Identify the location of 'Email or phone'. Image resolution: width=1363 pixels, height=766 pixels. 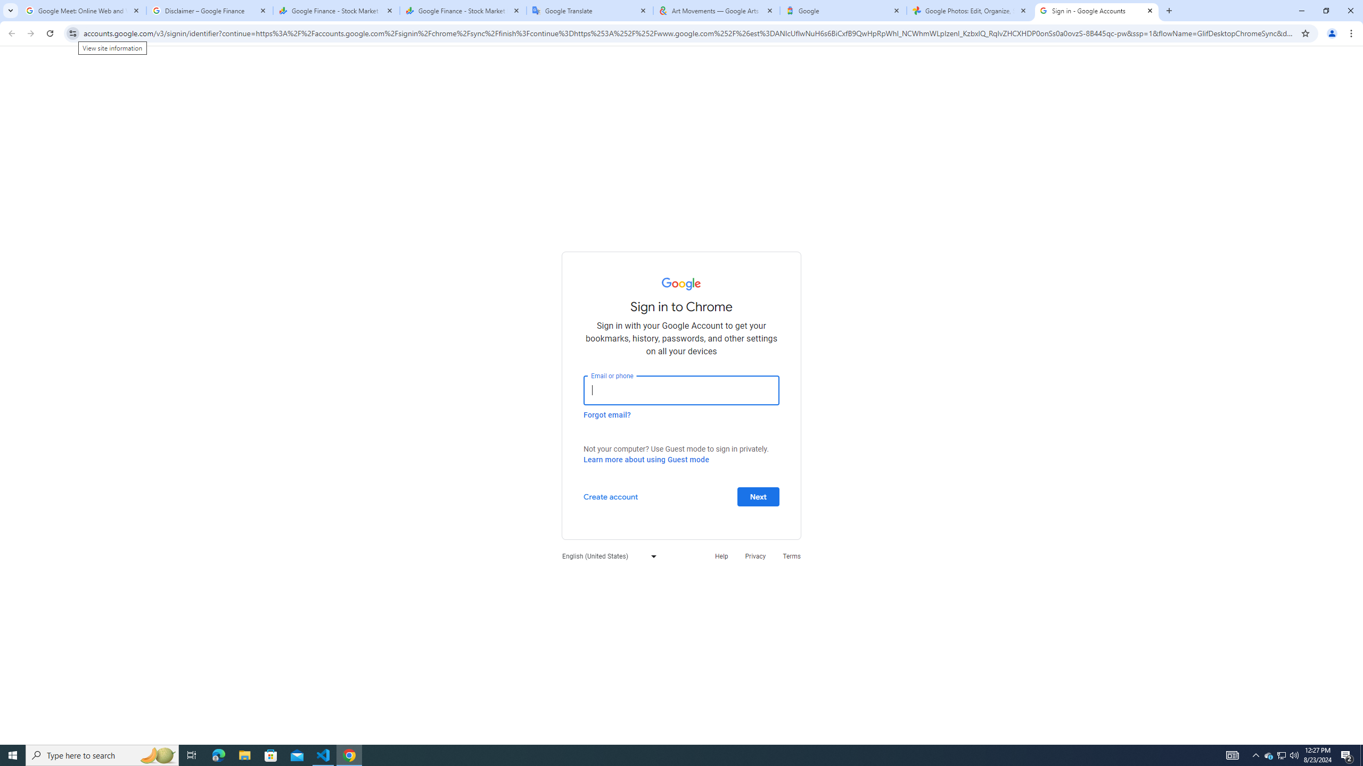
(681, 389).